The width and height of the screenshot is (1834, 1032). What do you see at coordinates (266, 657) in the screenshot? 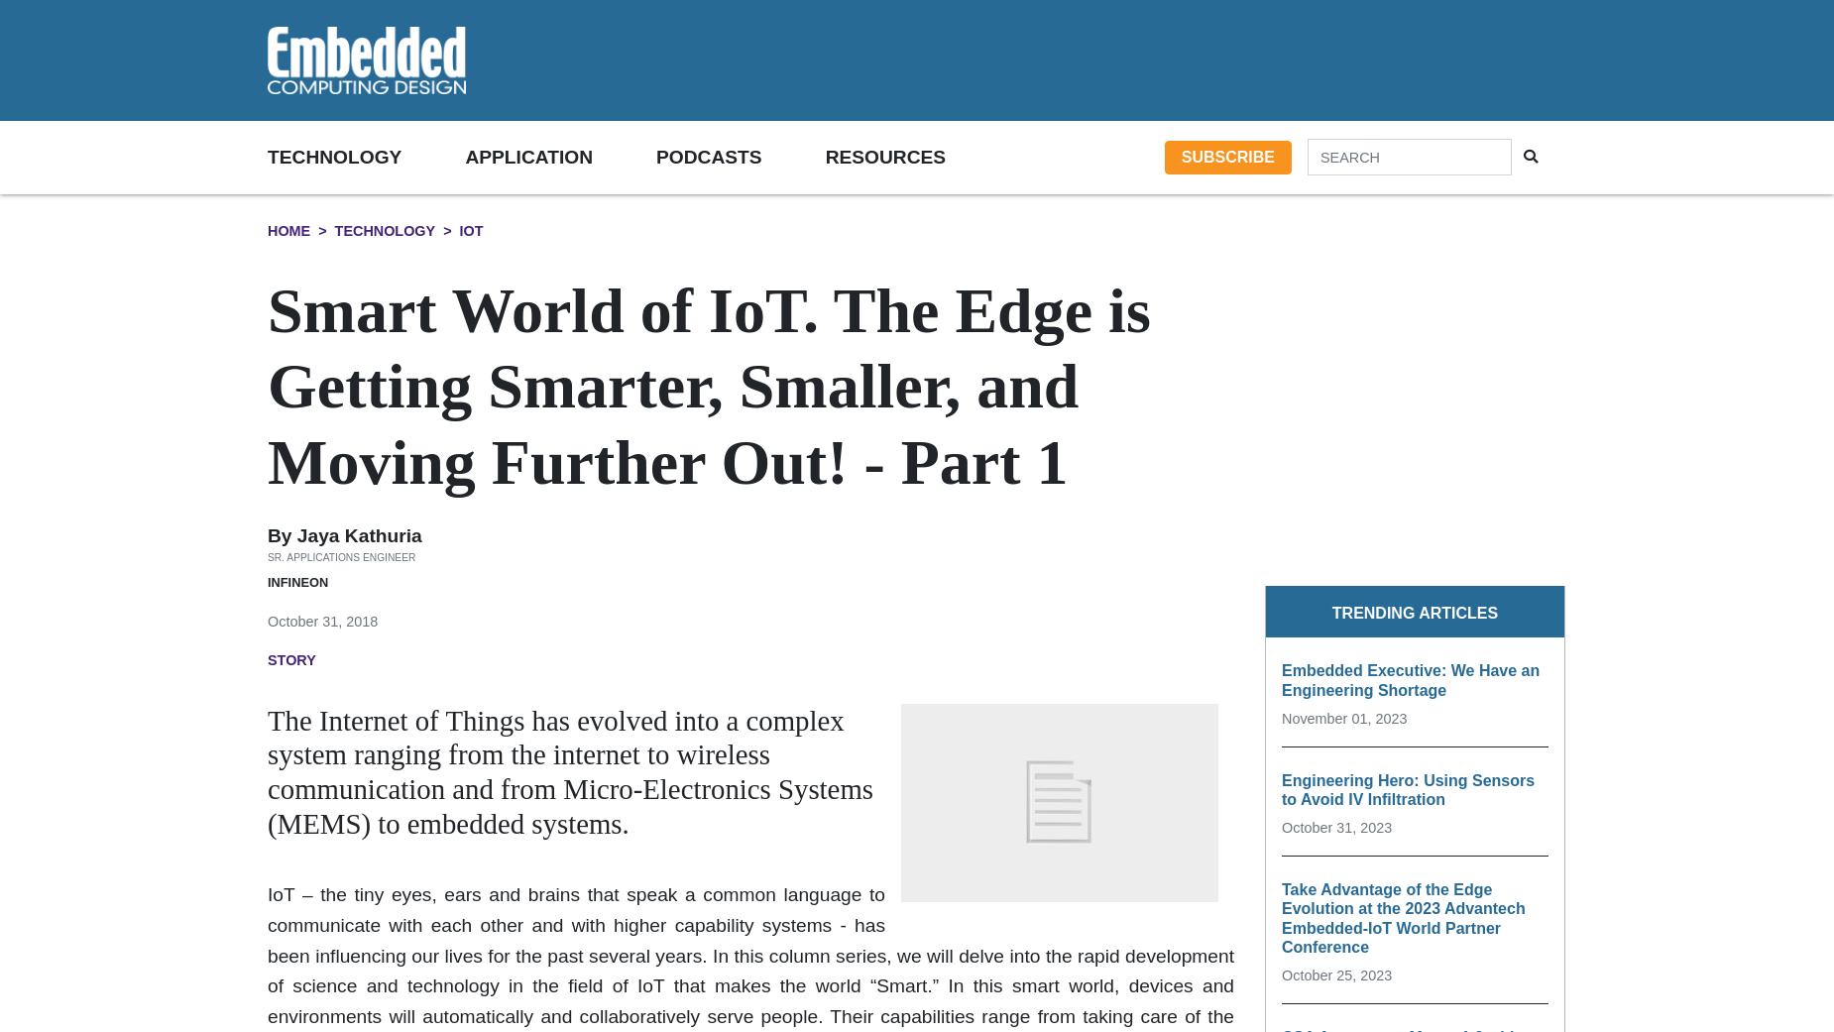
I see `'Story'` at bounding box center [266, 657].